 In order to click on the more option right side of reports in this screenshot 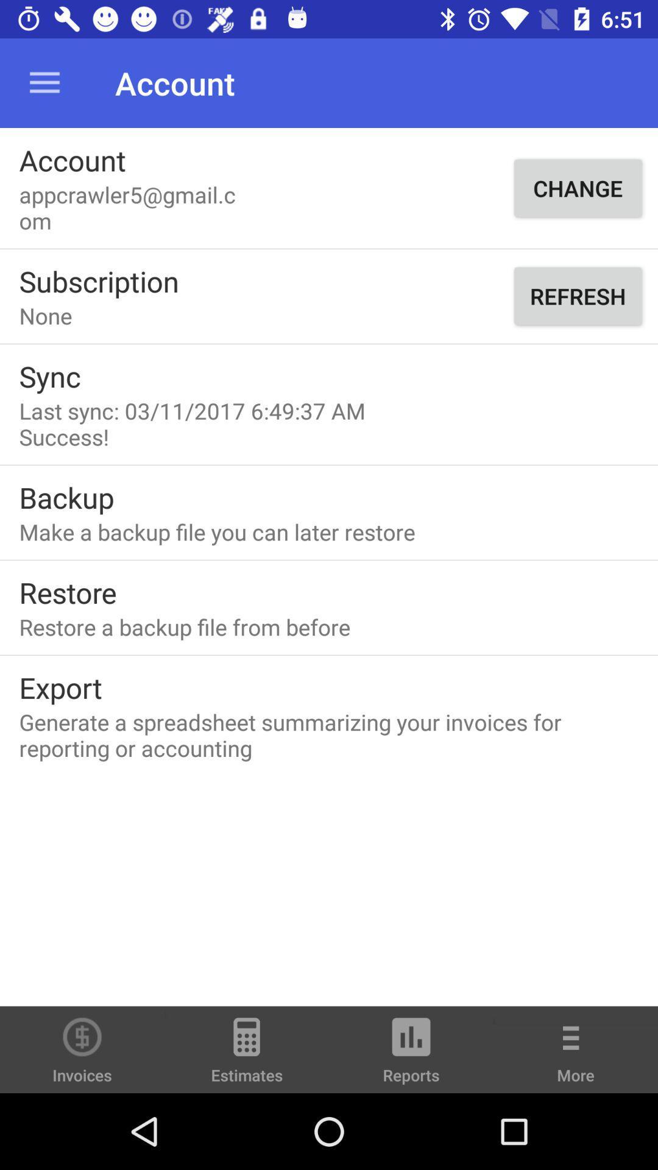, I will do `click(576, 1058)`.